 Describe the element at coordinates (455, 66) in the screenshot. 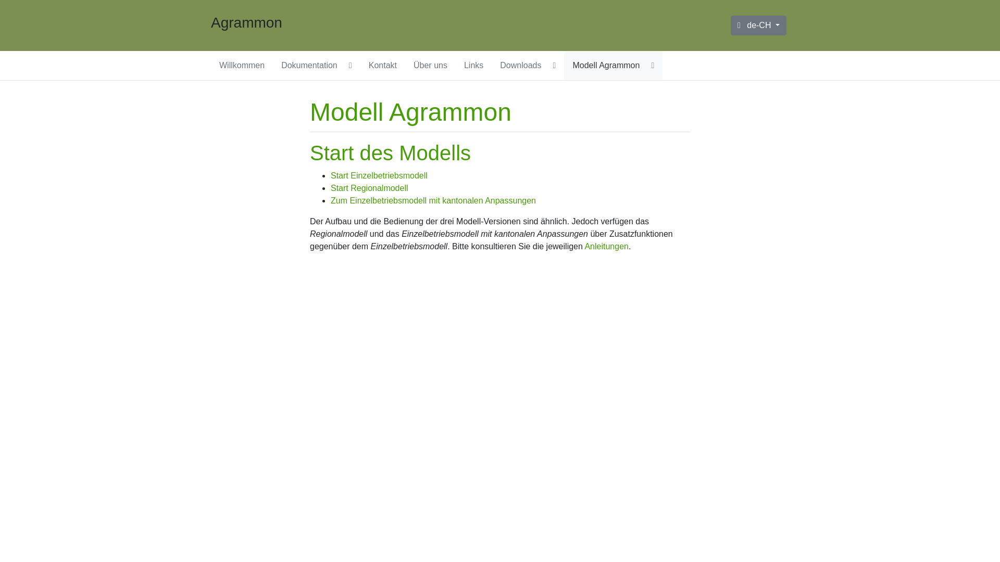

I see `'Links'` at that location.